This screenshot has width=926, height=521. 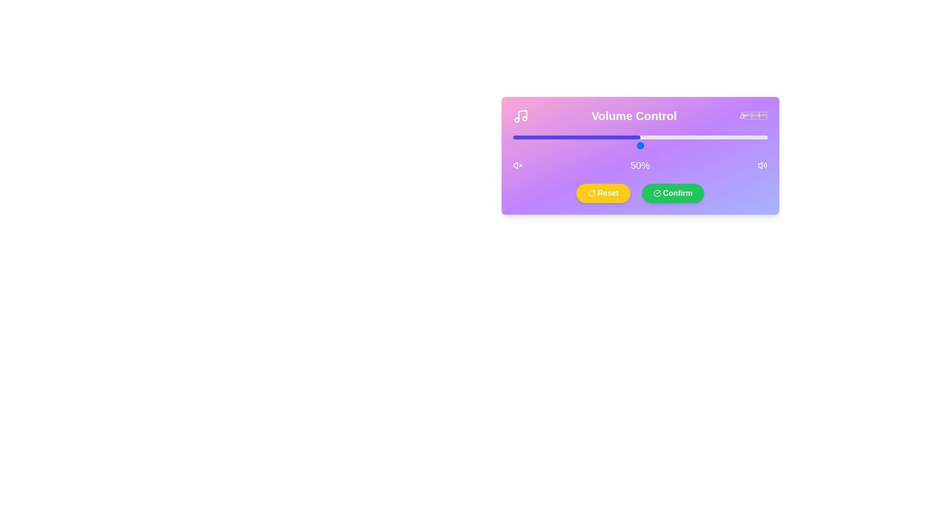 What do you see at coordinates (704, 137) in the screenshot?
I see `the slider value` at bounding box center [704, 137].